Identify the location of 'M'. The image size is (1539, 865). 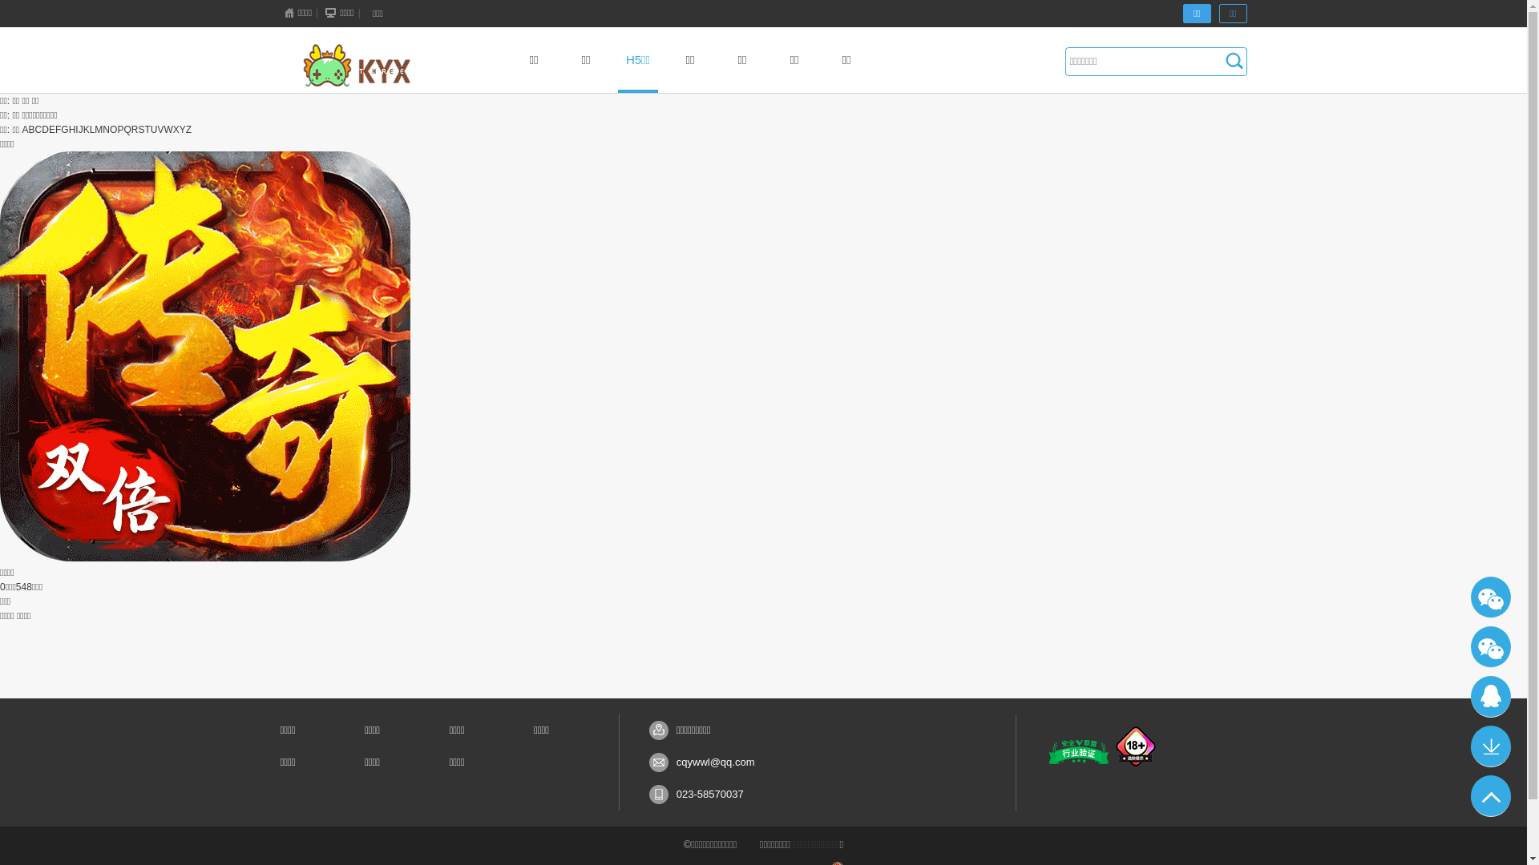
(98, 129).